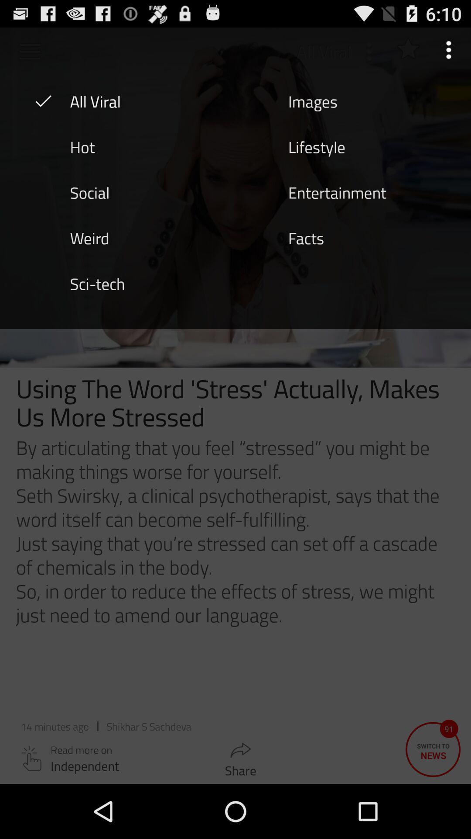 The width and height of the screenshot is (471, 839). Describe the element at coordinates (312, 101) in the screenshot. I see `the item above lifestyle` at that location.